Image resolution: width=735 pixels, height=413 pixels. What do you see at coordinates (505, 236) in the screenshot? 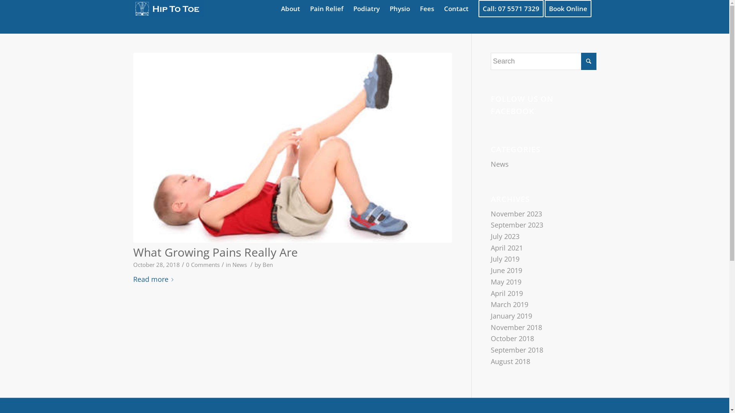
I see `'July 2023'` at bounding box center [505, 236].